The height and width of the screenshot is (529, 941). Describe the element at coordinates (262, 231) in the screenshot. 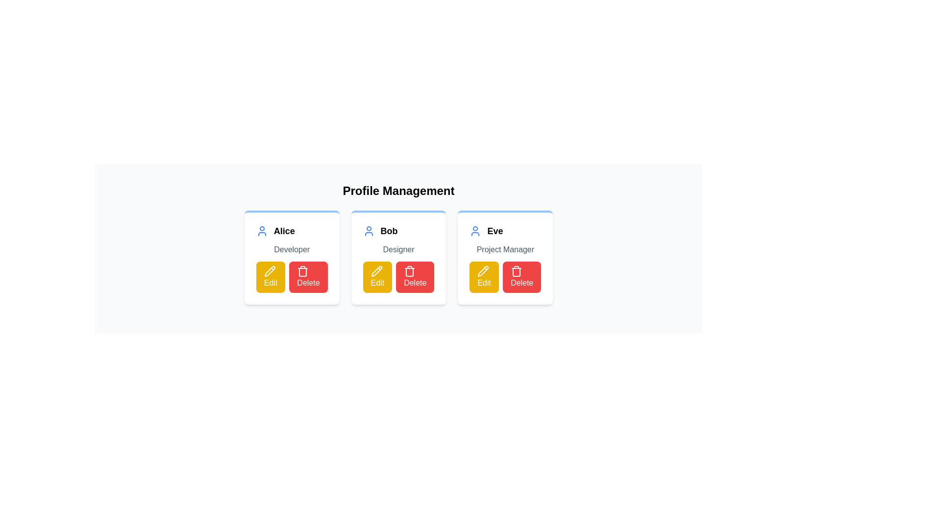

I see `the first avatar icon representing the user 'Alice' located at the far left in the row of profile cards` at that location.